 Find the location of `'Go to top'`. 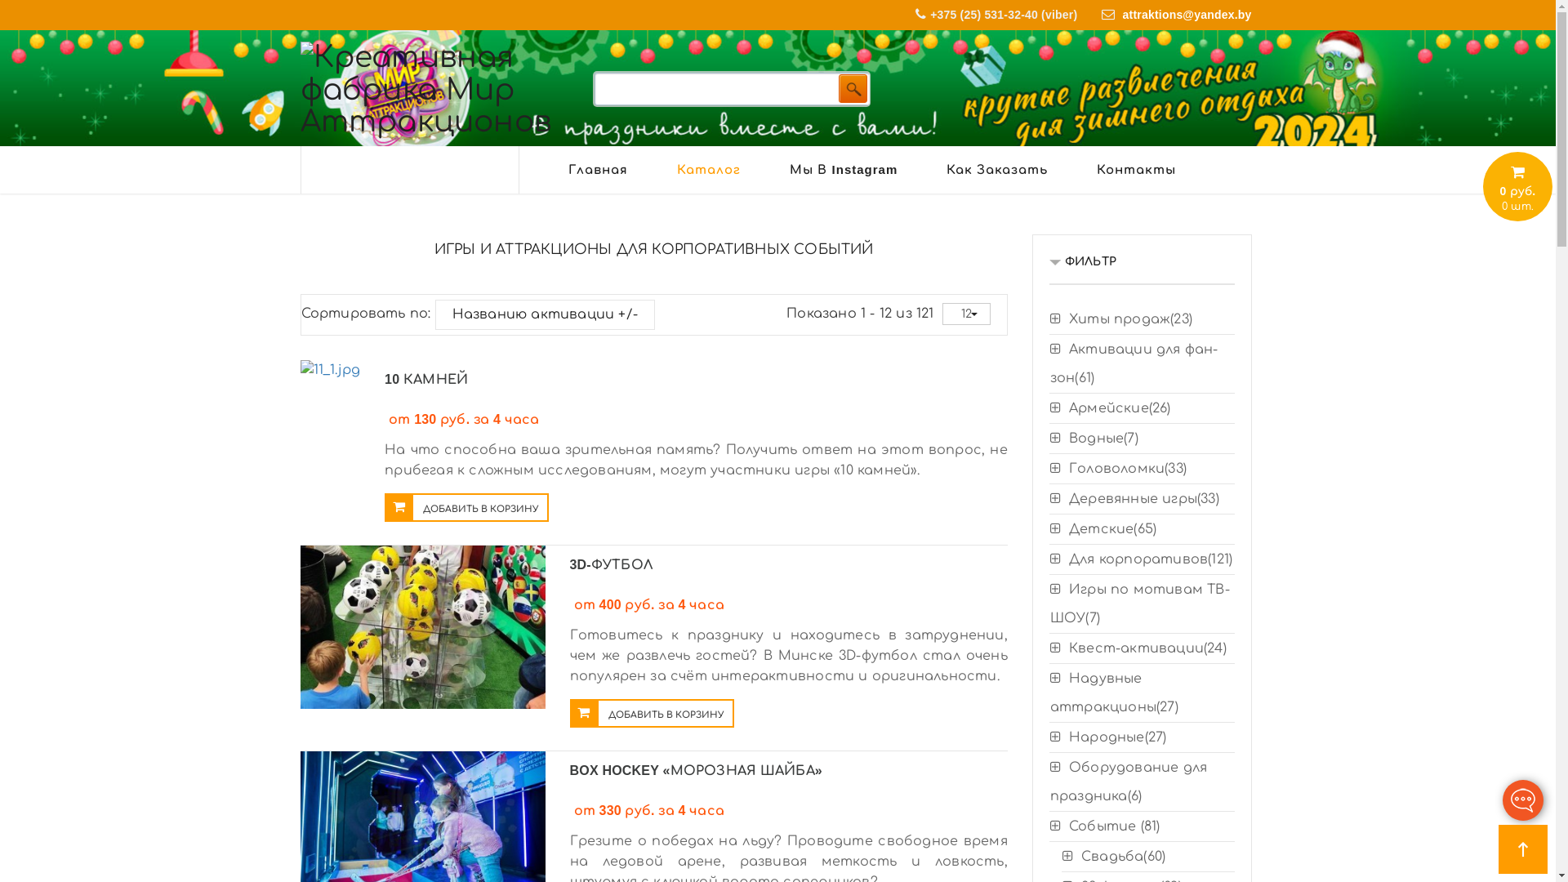

'Go to top' is located at coordinates (1522, 849).